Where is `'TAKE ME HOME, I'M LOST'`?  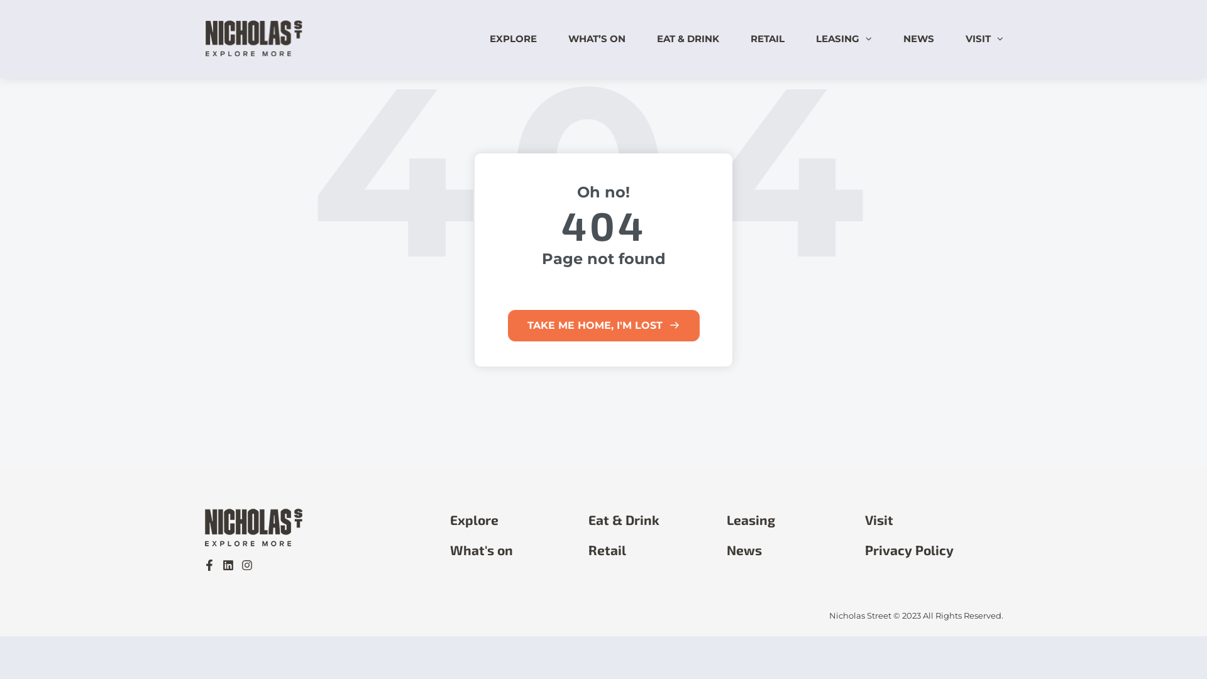
'TAKE ME HOME, I'M LOST' is located at coordinates (603, 324).